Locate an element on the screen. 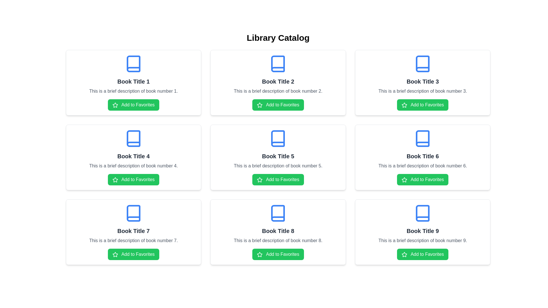 This screenshot has width=548, height=308. the Decorative Icon Component, which is a blue book-like icon located in the card titled 'Book Title 2' in the second column of the first row within a 3x3 grid layout of books is located at coordinates (278, 64).